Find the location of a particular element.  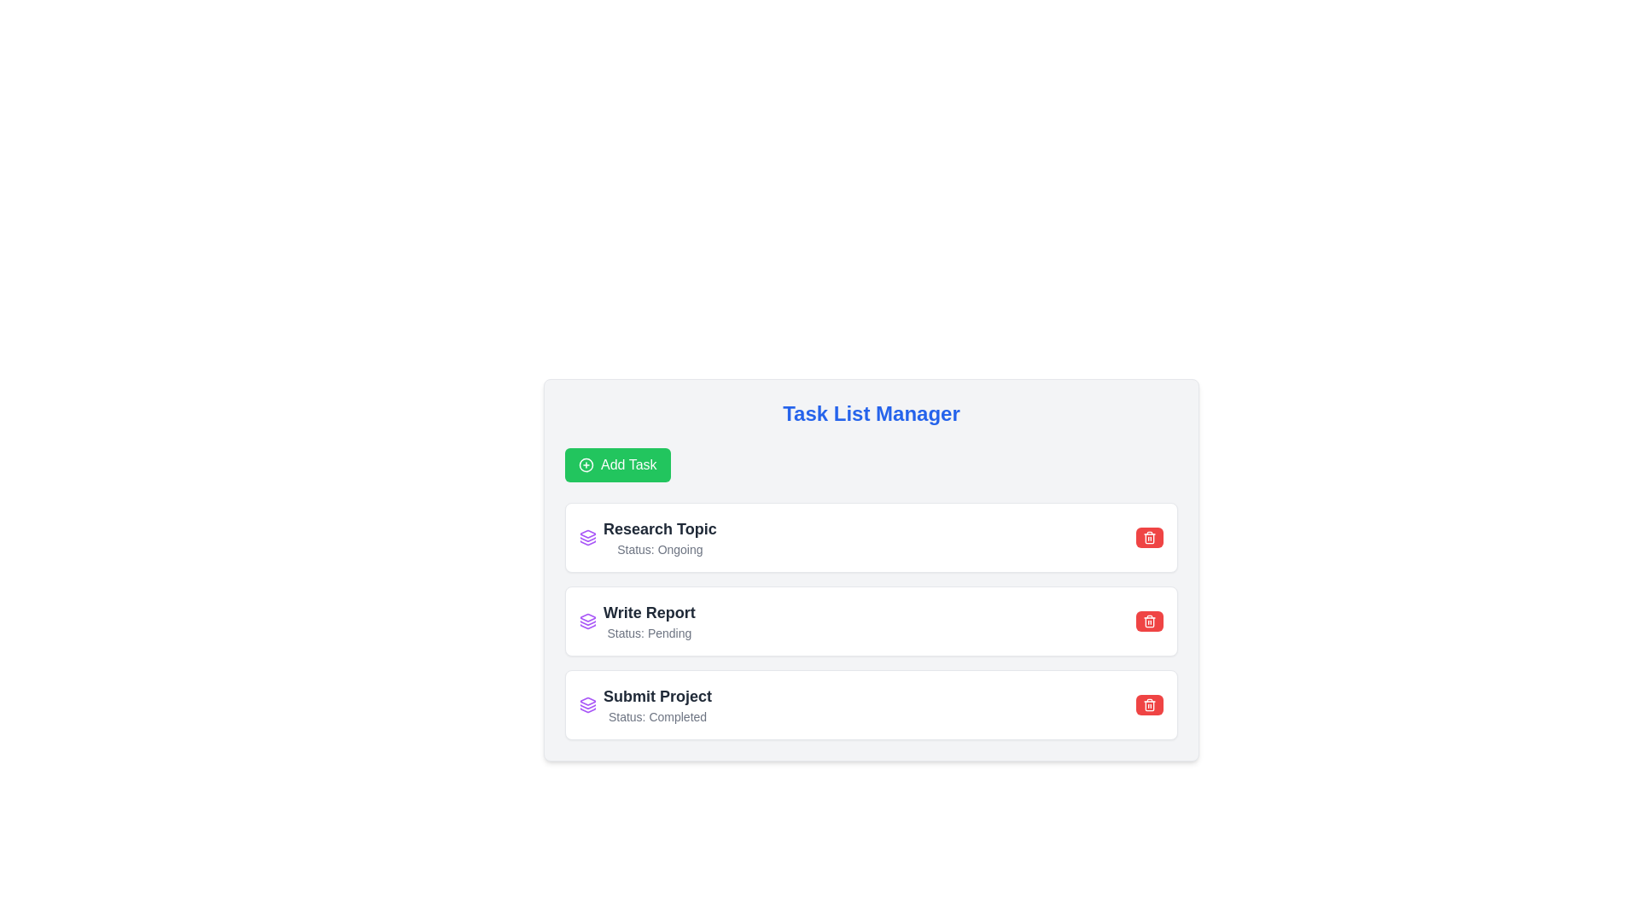

the purple hexagonal icon that resembles a layered stack, located within the 'Research Topic' entry in the vertically stacked list of items is located at coordinates (588, 617).